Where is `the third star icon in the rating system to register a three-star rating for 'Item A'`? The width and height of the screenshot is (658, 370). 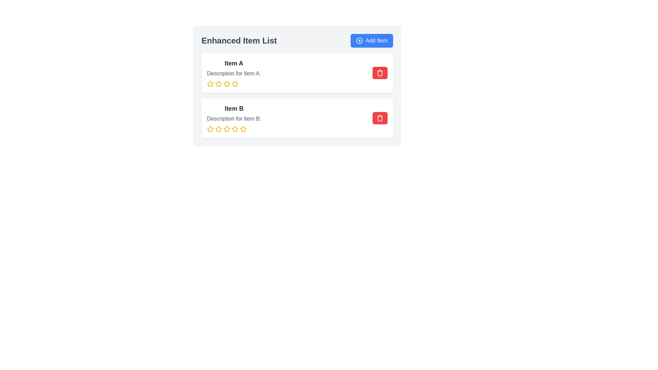
the third star icon in the rating system to register a three-star rating for 'Item A' is located at coordinates (218, 84).